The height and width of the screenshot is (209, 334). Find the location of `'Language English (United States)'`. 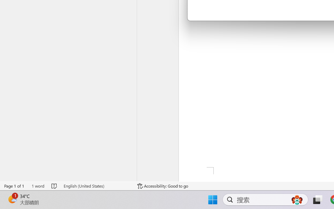

'Language English (United States)' is located at coordinates (97, 186).